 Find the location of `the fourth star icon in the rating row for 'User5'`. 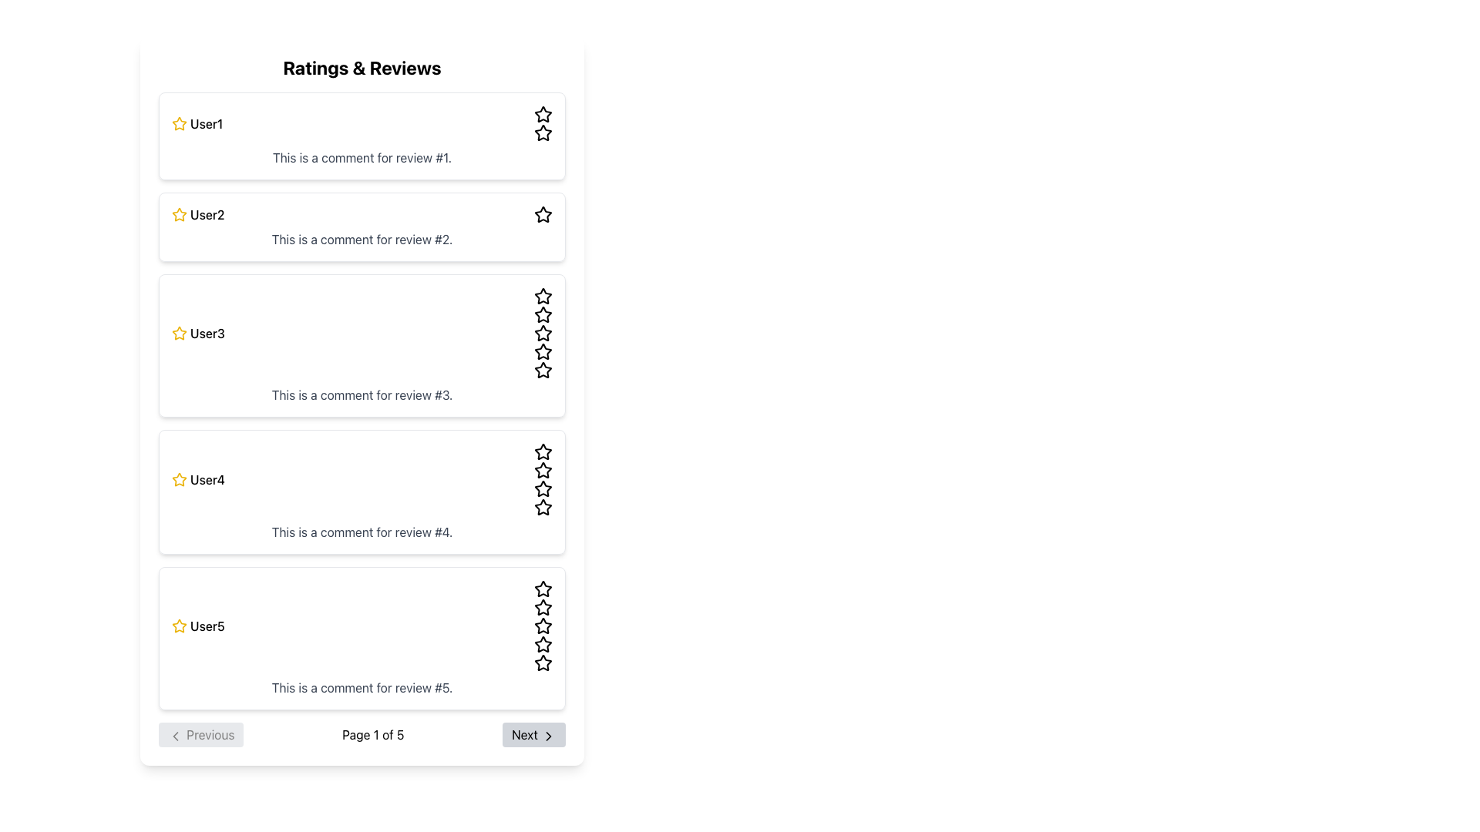

the fourth star icon in the rating row for 'User5' is located at coordinates (543, 644).